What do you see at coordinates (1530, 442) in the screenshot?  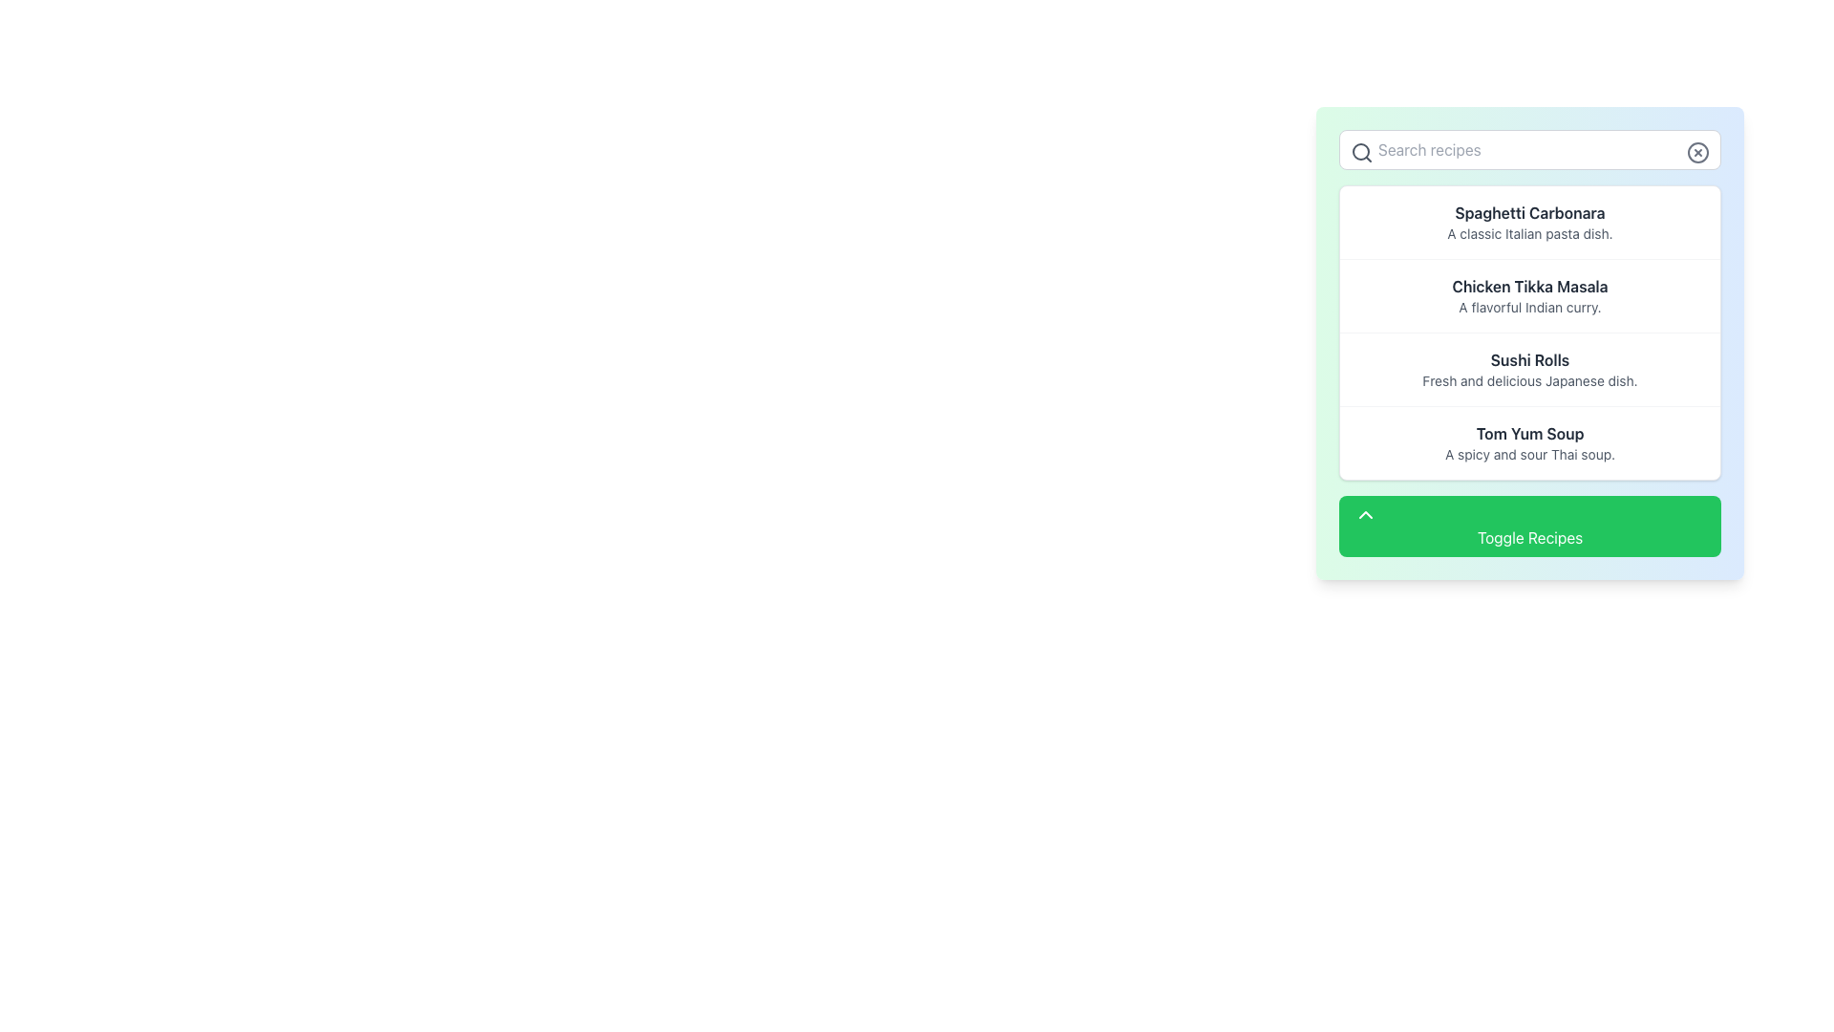 I see `the text block containing 'Tom Yum Soup' which is a rectangular component with a white background and is positioned fourth from the top in a vertically scrolling panel` at bounding box center [1530, 442].